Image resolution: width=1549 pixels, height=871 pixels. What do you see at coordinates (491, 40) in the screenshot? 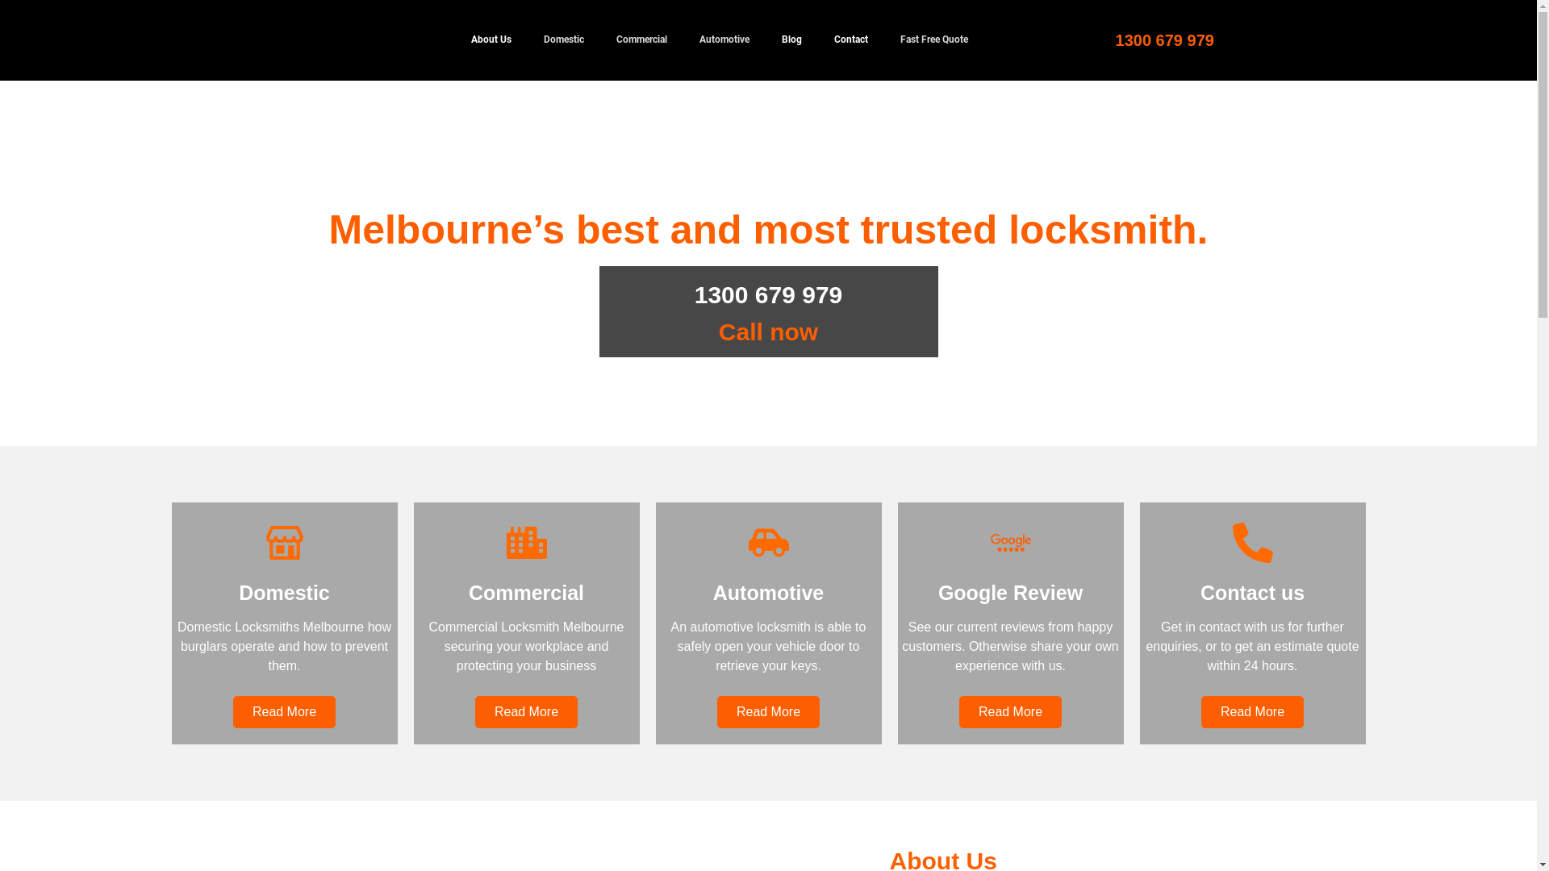
I see `'About Us'` at bounding box center [491, 40].